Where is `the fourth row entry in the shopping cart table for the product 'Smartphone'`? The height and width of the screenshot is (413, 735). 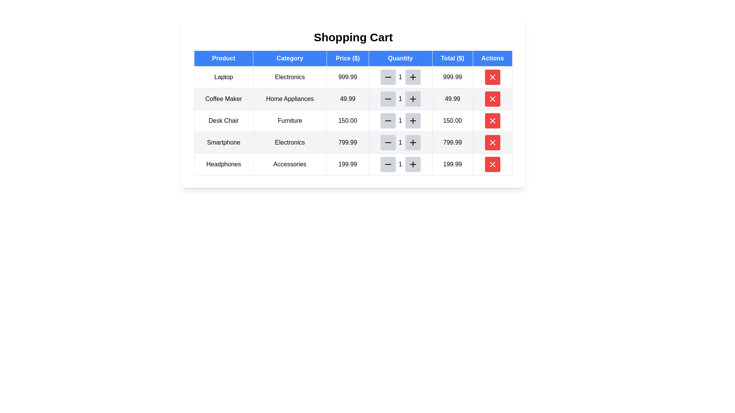 the fourth row entry in the shopping cart table for the product 'Smartphone' is located at coordinates (353, 143).